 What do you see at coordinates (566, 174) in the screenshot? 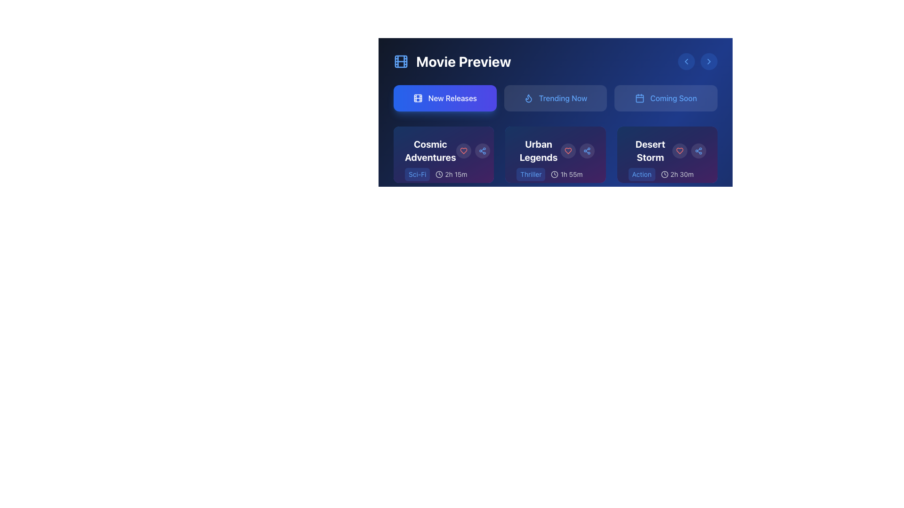
I see `the Text Label displaying '1h 55m' with a clock icon, located within the 'Urban Legends' card, positioned to the right of the 'Thriller' tag` at bounding box center [566, 174].